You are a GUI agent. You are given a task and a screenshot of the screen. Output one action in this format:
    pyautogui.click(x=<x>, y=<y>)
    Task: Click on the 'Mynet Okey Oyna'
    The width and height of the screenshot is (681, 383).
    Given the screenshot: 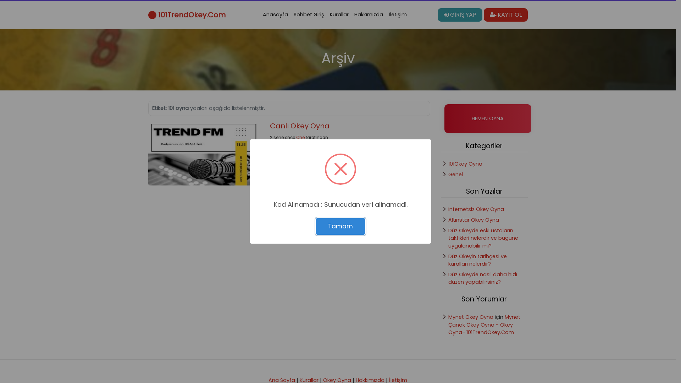 What is the action you would take?
    pyautogui.click(x=471, y=317)
    